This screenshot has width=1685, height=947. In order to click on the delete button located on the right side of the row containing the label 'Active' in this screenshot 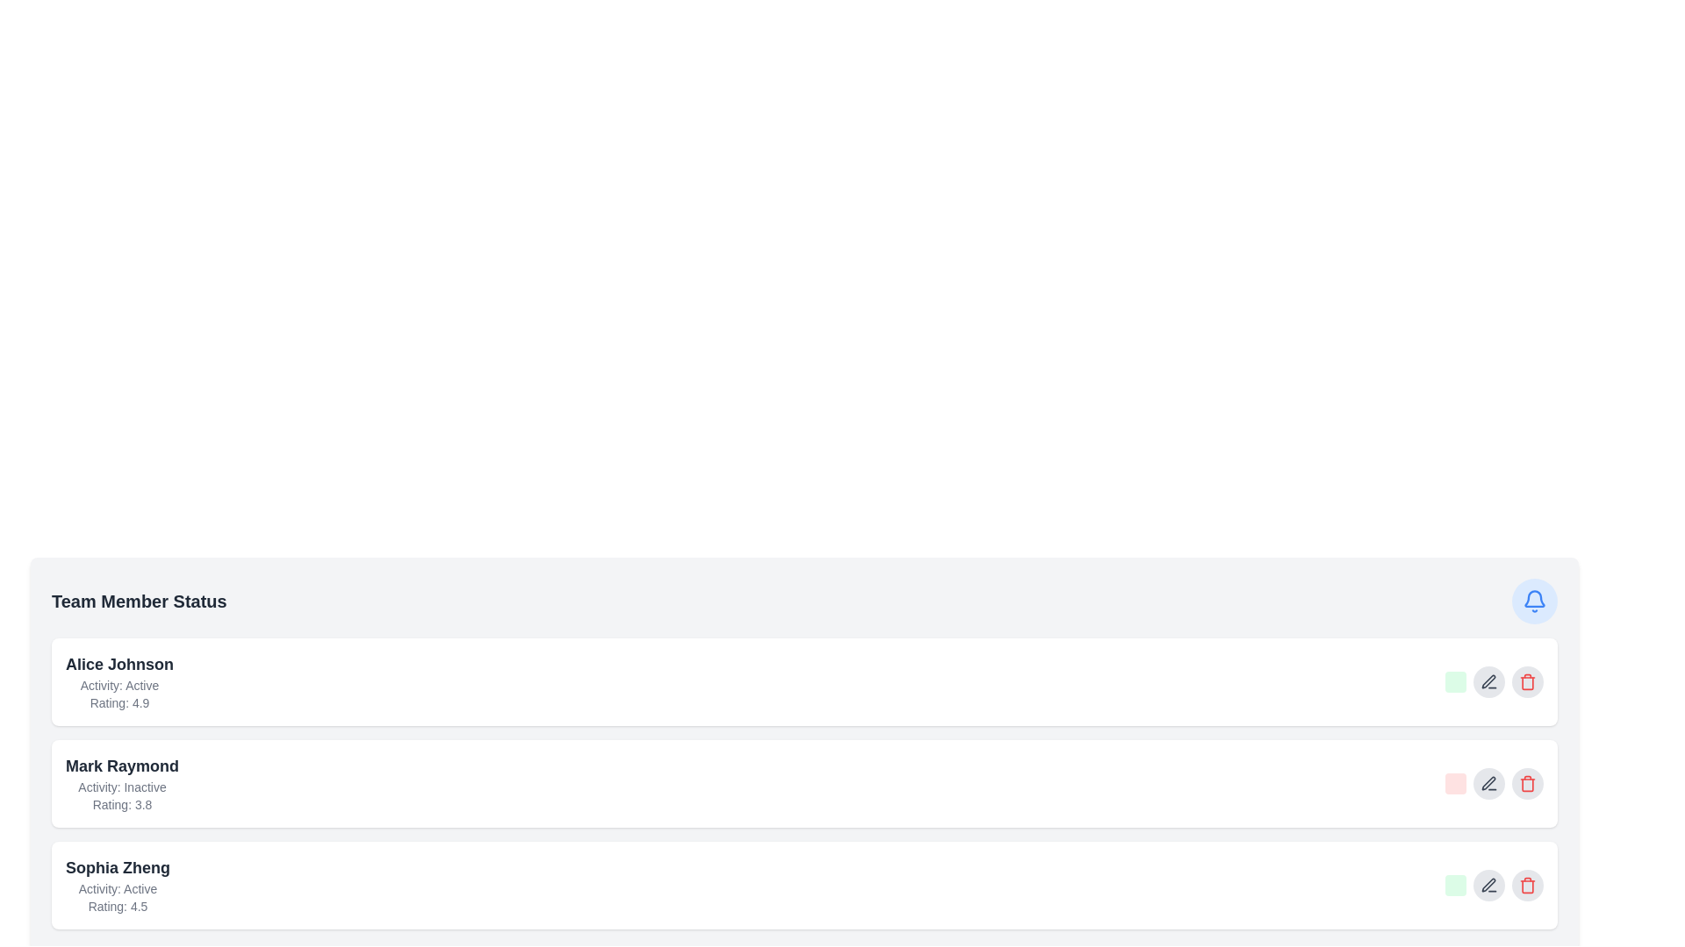, I will do `click(1527, 681)`.